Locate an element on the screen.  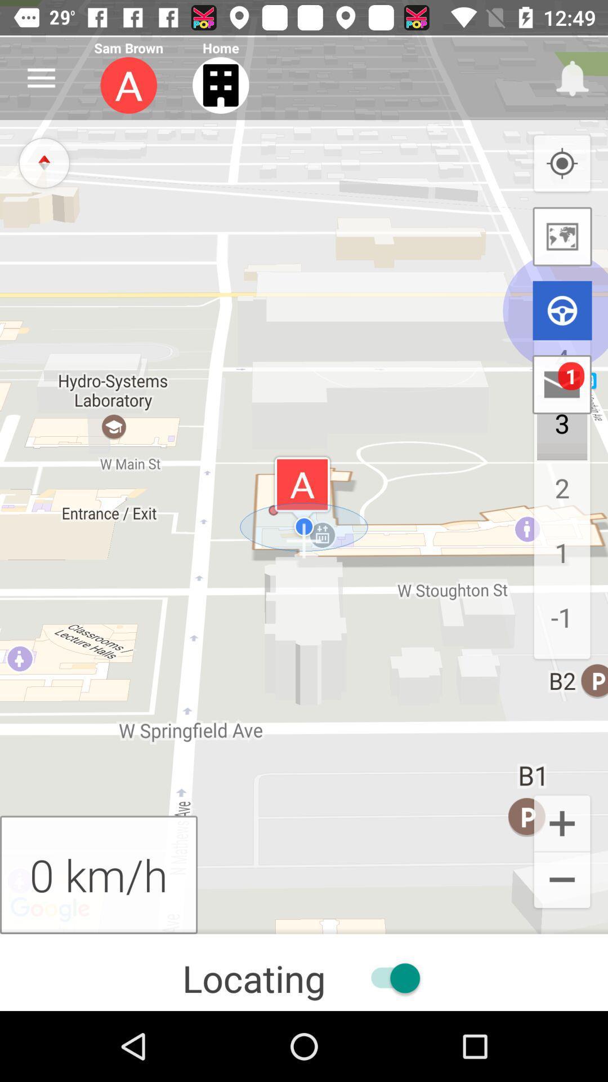
the wallpaper icon is located at coordinates (562, 236).